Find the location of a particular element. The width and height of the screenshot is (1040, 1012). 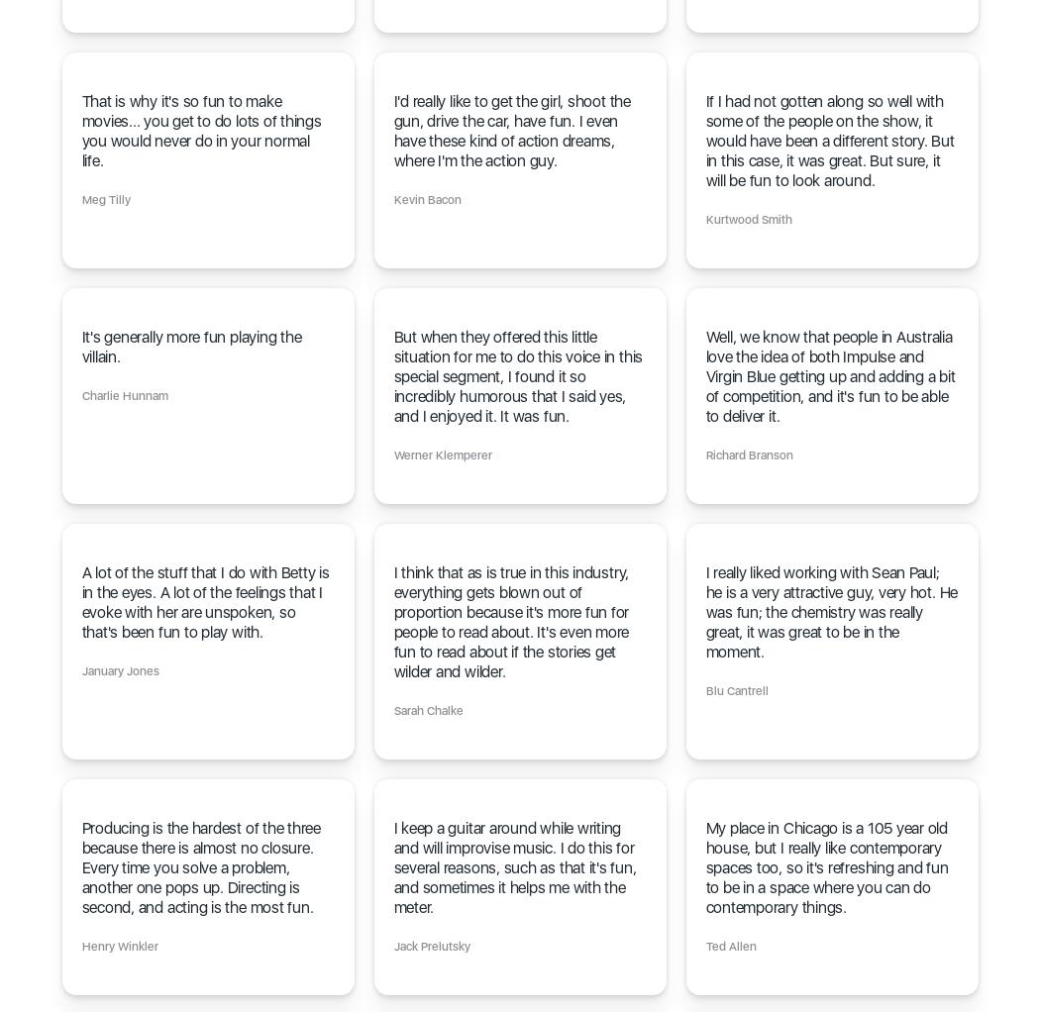

'I'd really like to get the girl, shoot the gun, drive the car, have fun. I even have these kind of action dreams, where I'm the action guy.' is located at coordinates (510, 131).